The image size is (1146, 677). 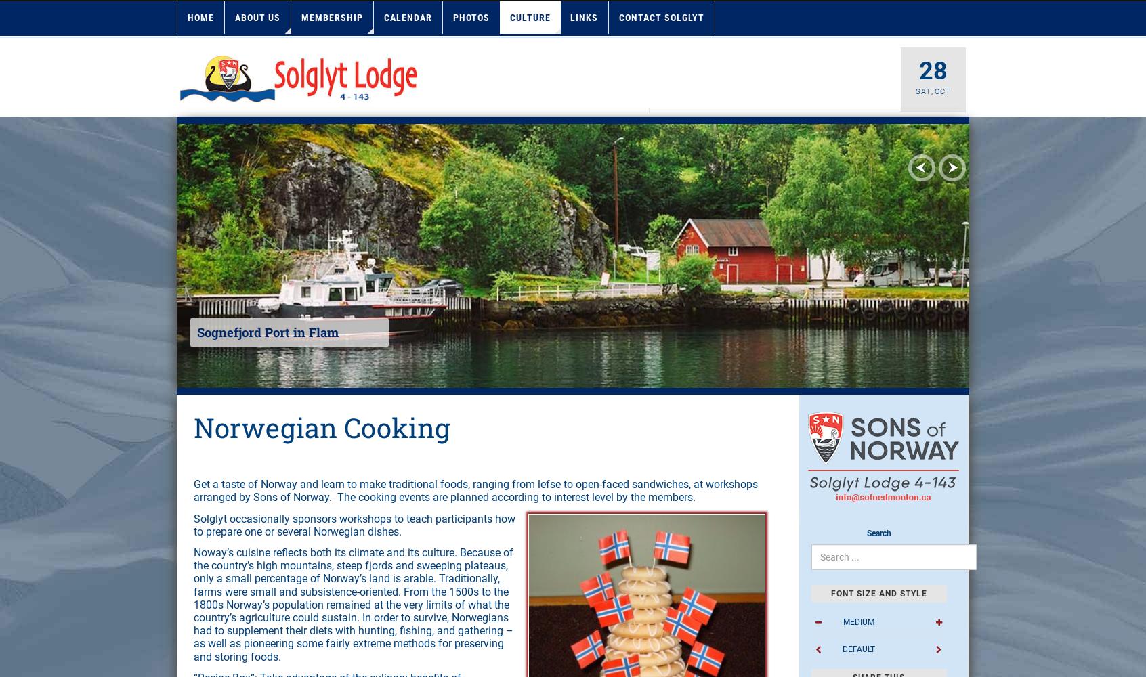 I want to click on 'Noway’s cuisine reflects both its climate and its culture. Because of the country’s high mountains, steep fjords and sweeping plateaus, only a small percentage of Norway’s land is arable. Traditionally, farms were small and subsistence-oriented. From the 1500s to the 1800s Norway’s population remained at the very limits of what the country’s agriculture could sustain. In order to survive, Norwegians had to supplement their diets with hunting, fishing, and gathering – as well as pioneering some fairly extreme methods for preserving and storing foods.', so click(x=192, y=605).